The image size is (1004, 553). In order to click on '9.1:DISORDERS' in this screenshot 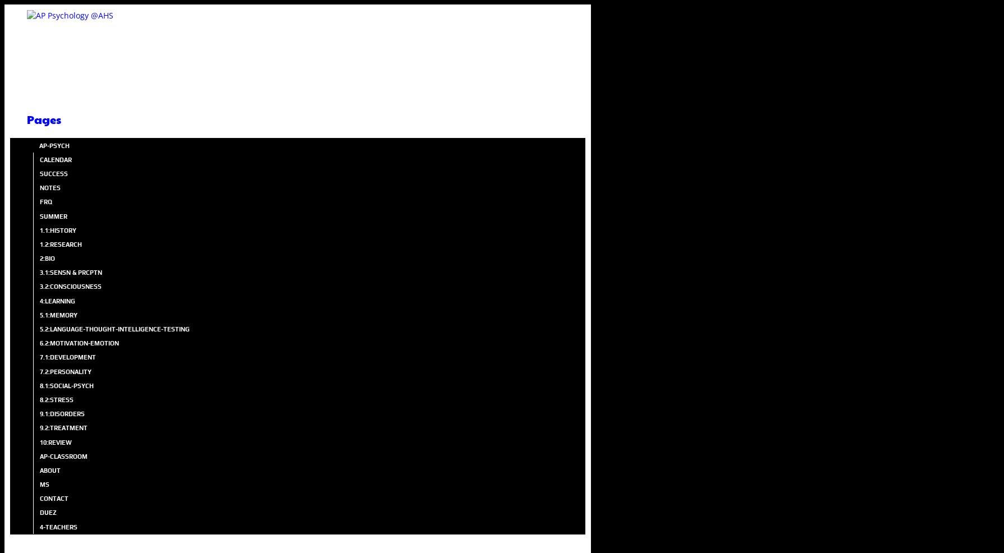, I will do `click(62, 413)`.